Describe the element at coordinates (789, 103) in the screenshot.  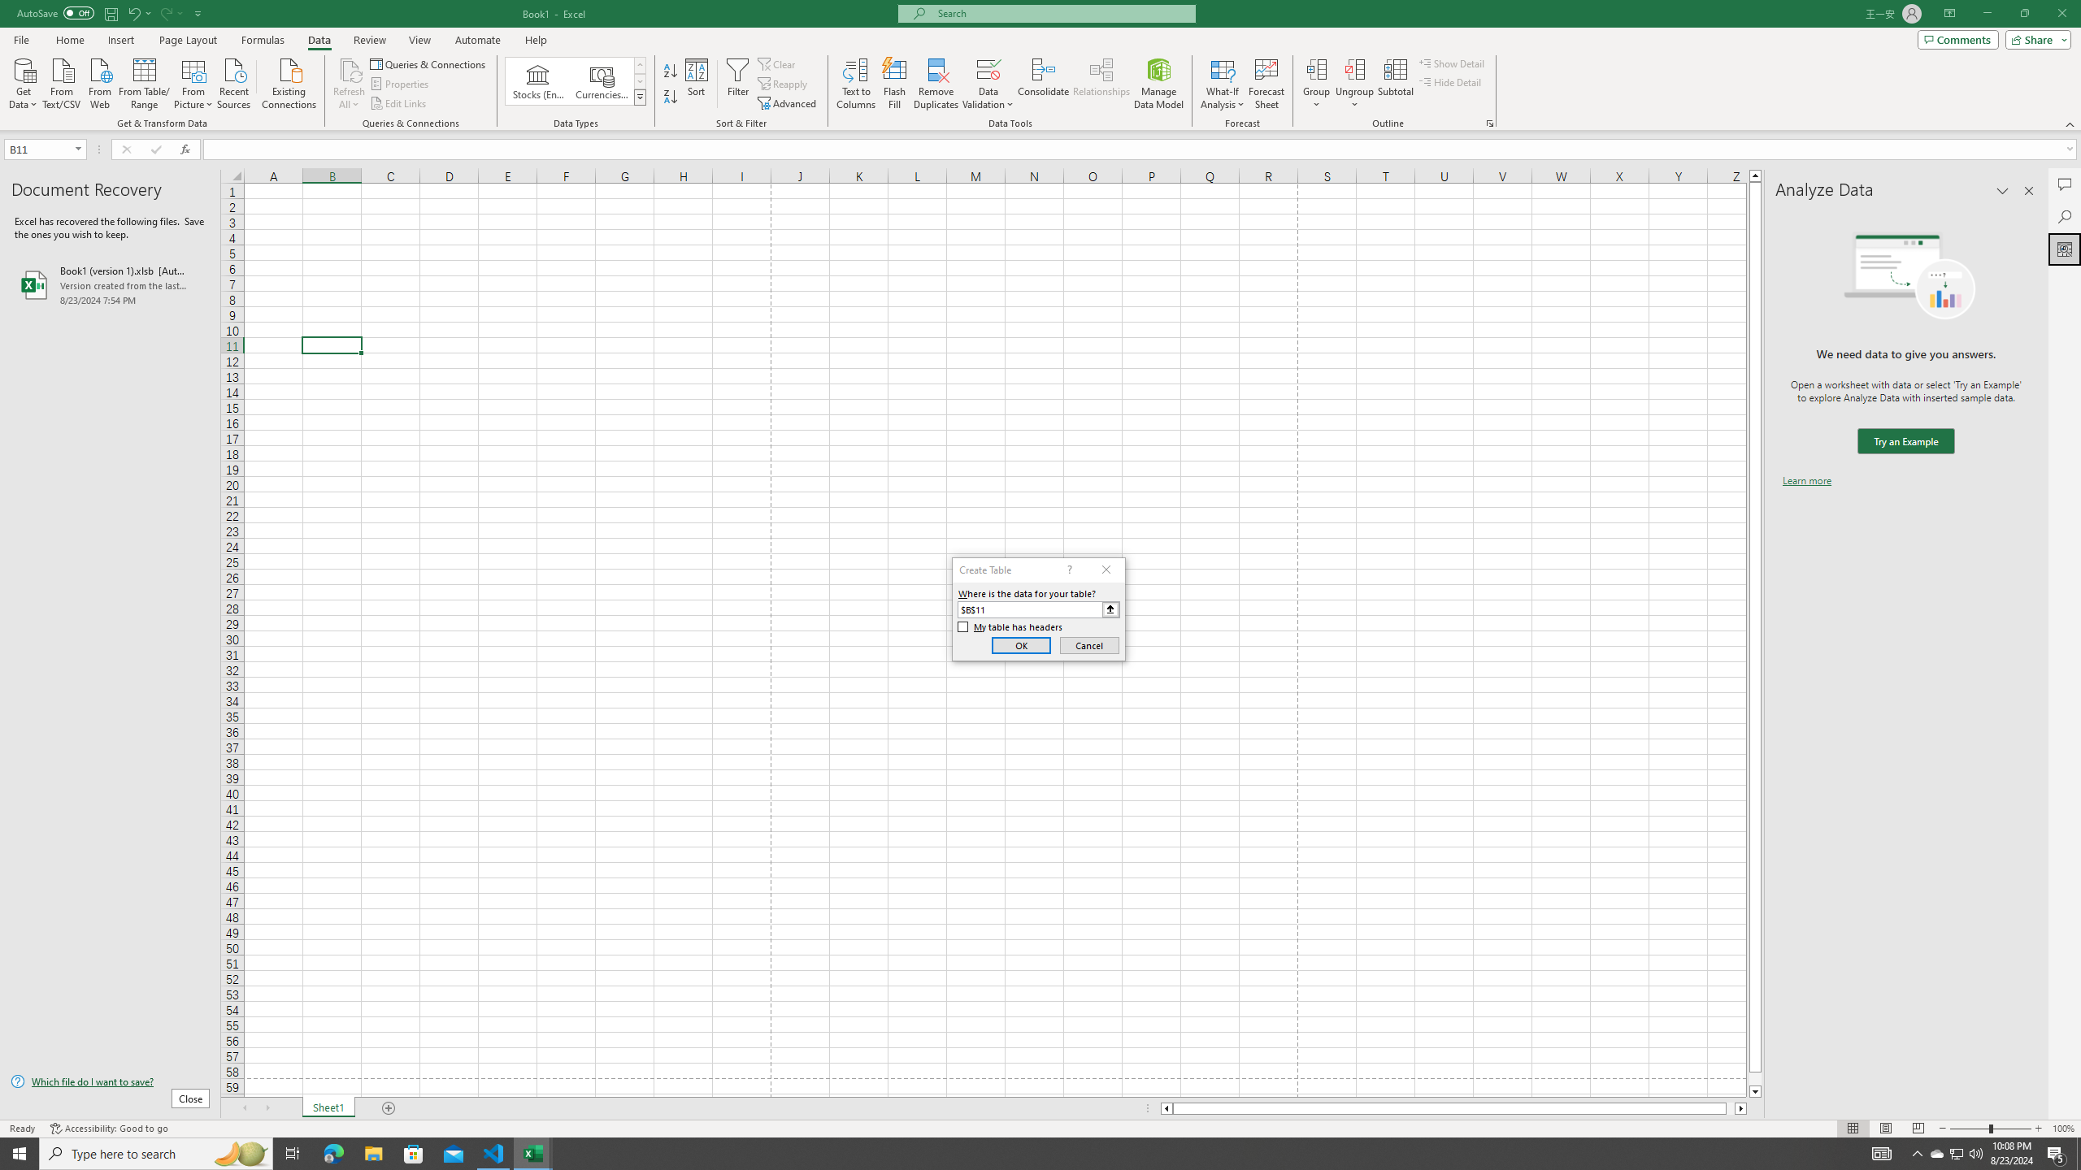
I see `'Advanced...'` at that location.